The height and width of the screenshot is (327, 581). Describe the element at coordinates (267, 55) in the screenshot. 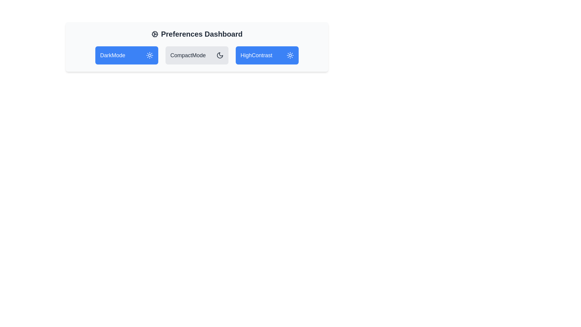

I see `the preference option HighContrast to observe its hover effect` at that location.